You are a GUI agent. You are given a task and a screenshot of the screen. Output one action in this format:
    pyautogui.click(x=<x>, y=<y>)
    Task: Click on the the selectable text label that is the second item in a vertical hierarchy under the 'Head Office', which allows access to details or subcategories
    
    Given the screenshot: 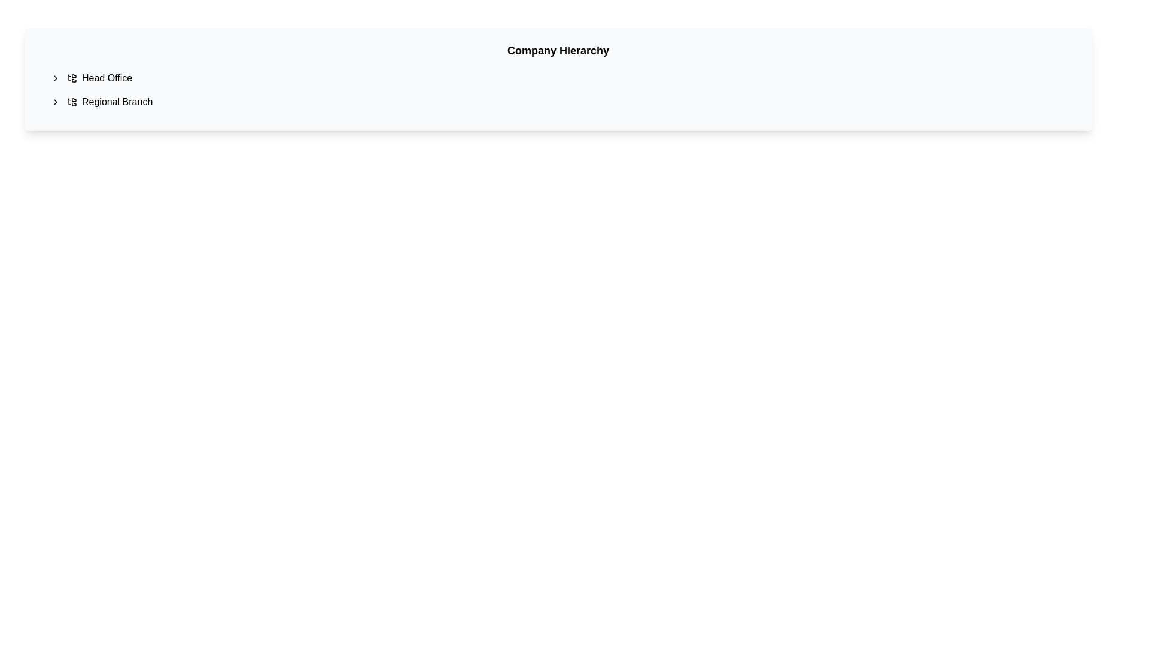 What is the action you would take?
    pyautogui.click(x=110, y=101)
    